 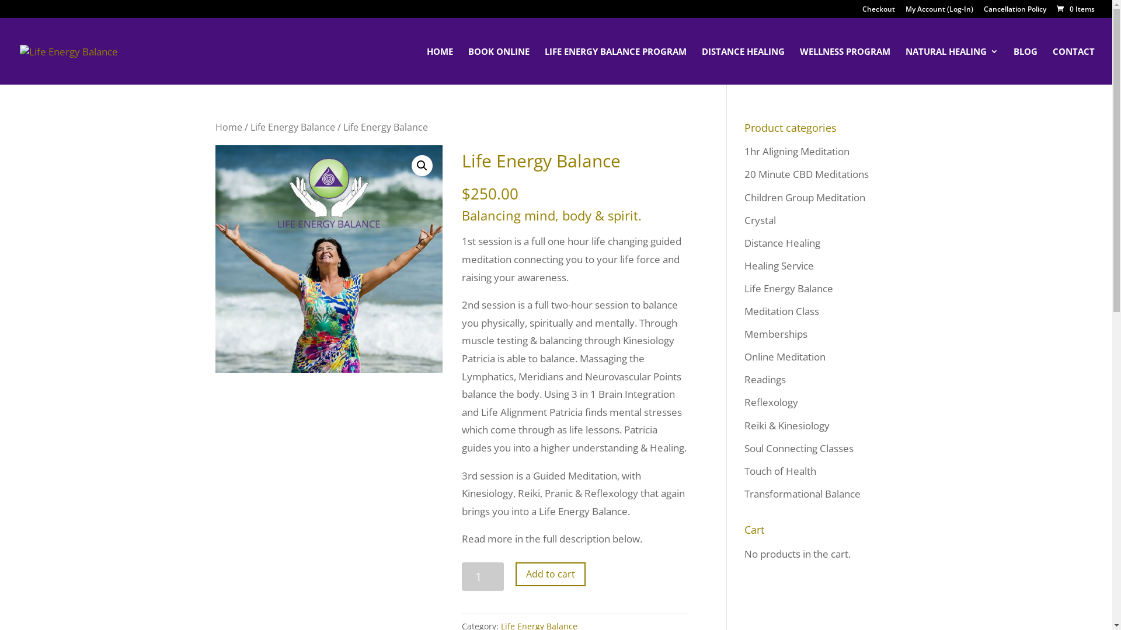 What do you see at coordinates (743, 174) in the screenshot?
I see `'20 Minute CBD Meditations'` at bounding box center [743, 174].